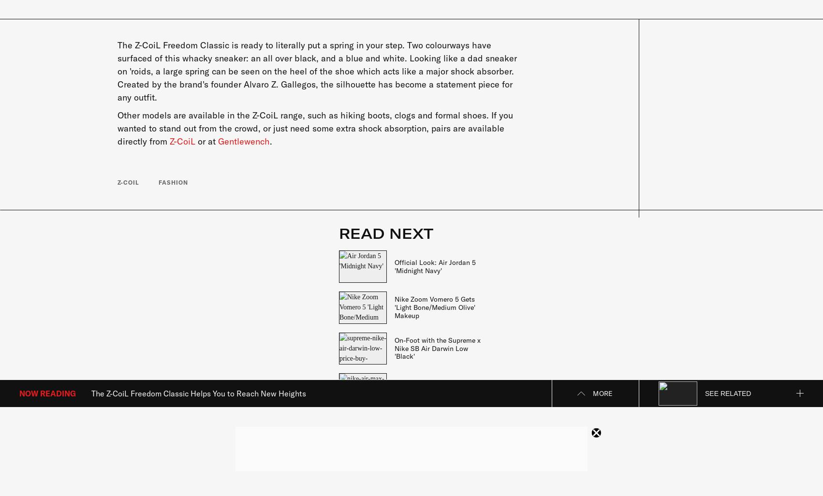 The image size is (823, 496). I want to click on 'The Z-CoiL Freedom Classic is ready to literally put a spring in your step. Two colourways have surfaced of this whacky sneaker: an all over black, and a blue and white. Looking like a dad sneaker on 'roids, a large spring can be seen on the heel of the shoe which acts like a major shock absorber. Created by the brand's founder Alvaro Z. Gallegos, the silhouette has become a statement piece for any outfit.', so click(316, 71).